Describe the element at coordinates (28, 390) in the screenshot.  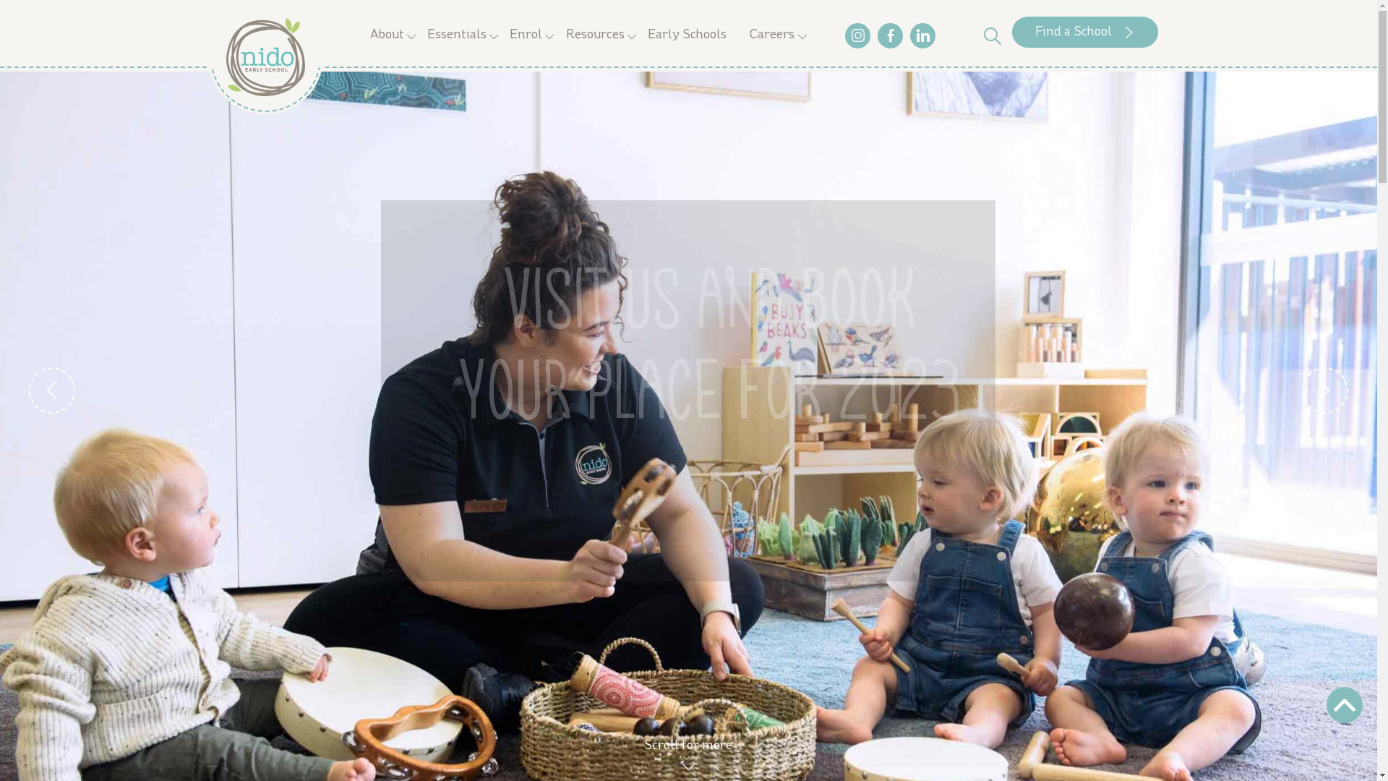
I see `'Previous'` at that location.